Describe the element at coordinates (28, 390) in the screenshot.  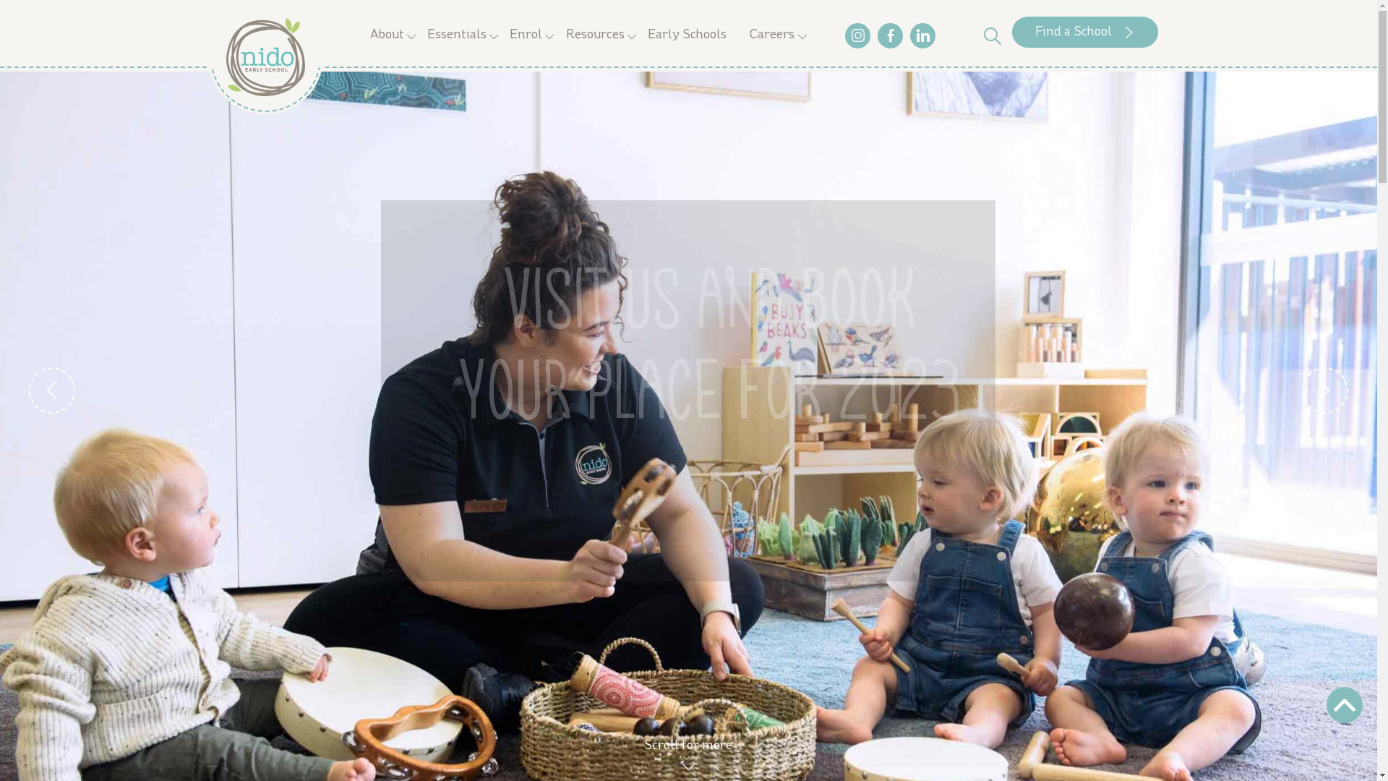
I see `'Previous'` at that location.